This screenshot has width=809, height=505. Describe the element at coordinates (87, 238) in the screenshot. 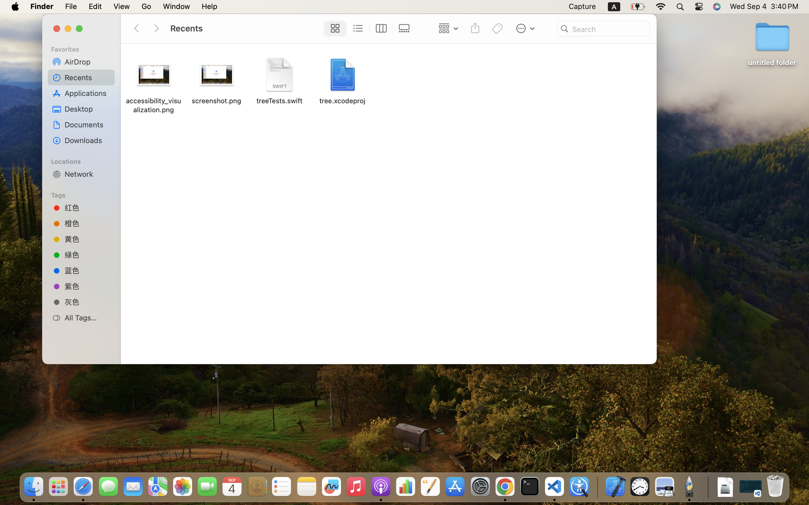

I see `'黄色'` at that location.